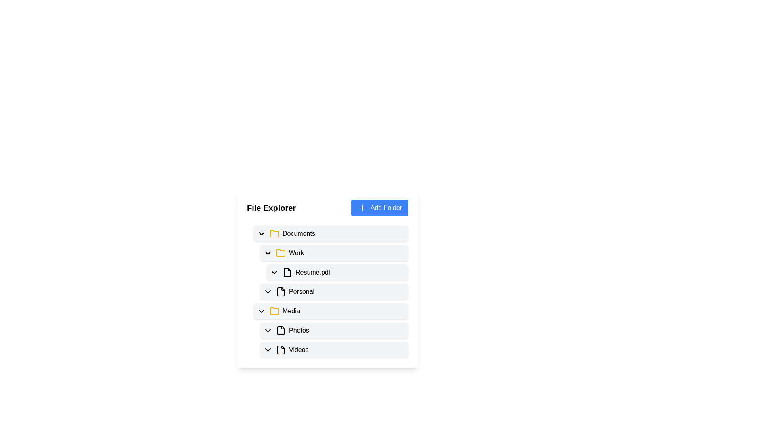 The width and height of the screenshot is (775, 436). Describe the element at coordinates (281, 350) in the screenshot. I see `the Videos icon located at the bottom-most file entry of the File Explorer interface under the Media directory` at that location.